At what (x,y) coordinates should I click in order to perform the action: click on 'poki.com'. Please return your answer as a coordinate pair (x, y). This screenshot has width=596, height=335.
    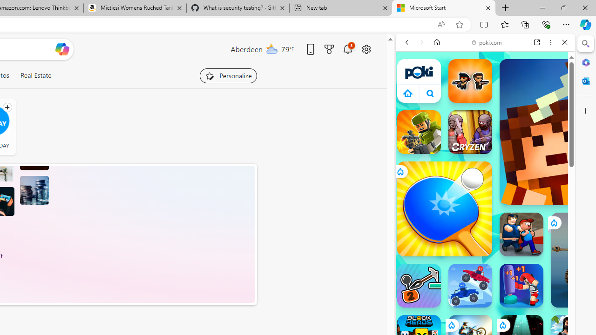
    Looking at the image, I should click on (487, 42).